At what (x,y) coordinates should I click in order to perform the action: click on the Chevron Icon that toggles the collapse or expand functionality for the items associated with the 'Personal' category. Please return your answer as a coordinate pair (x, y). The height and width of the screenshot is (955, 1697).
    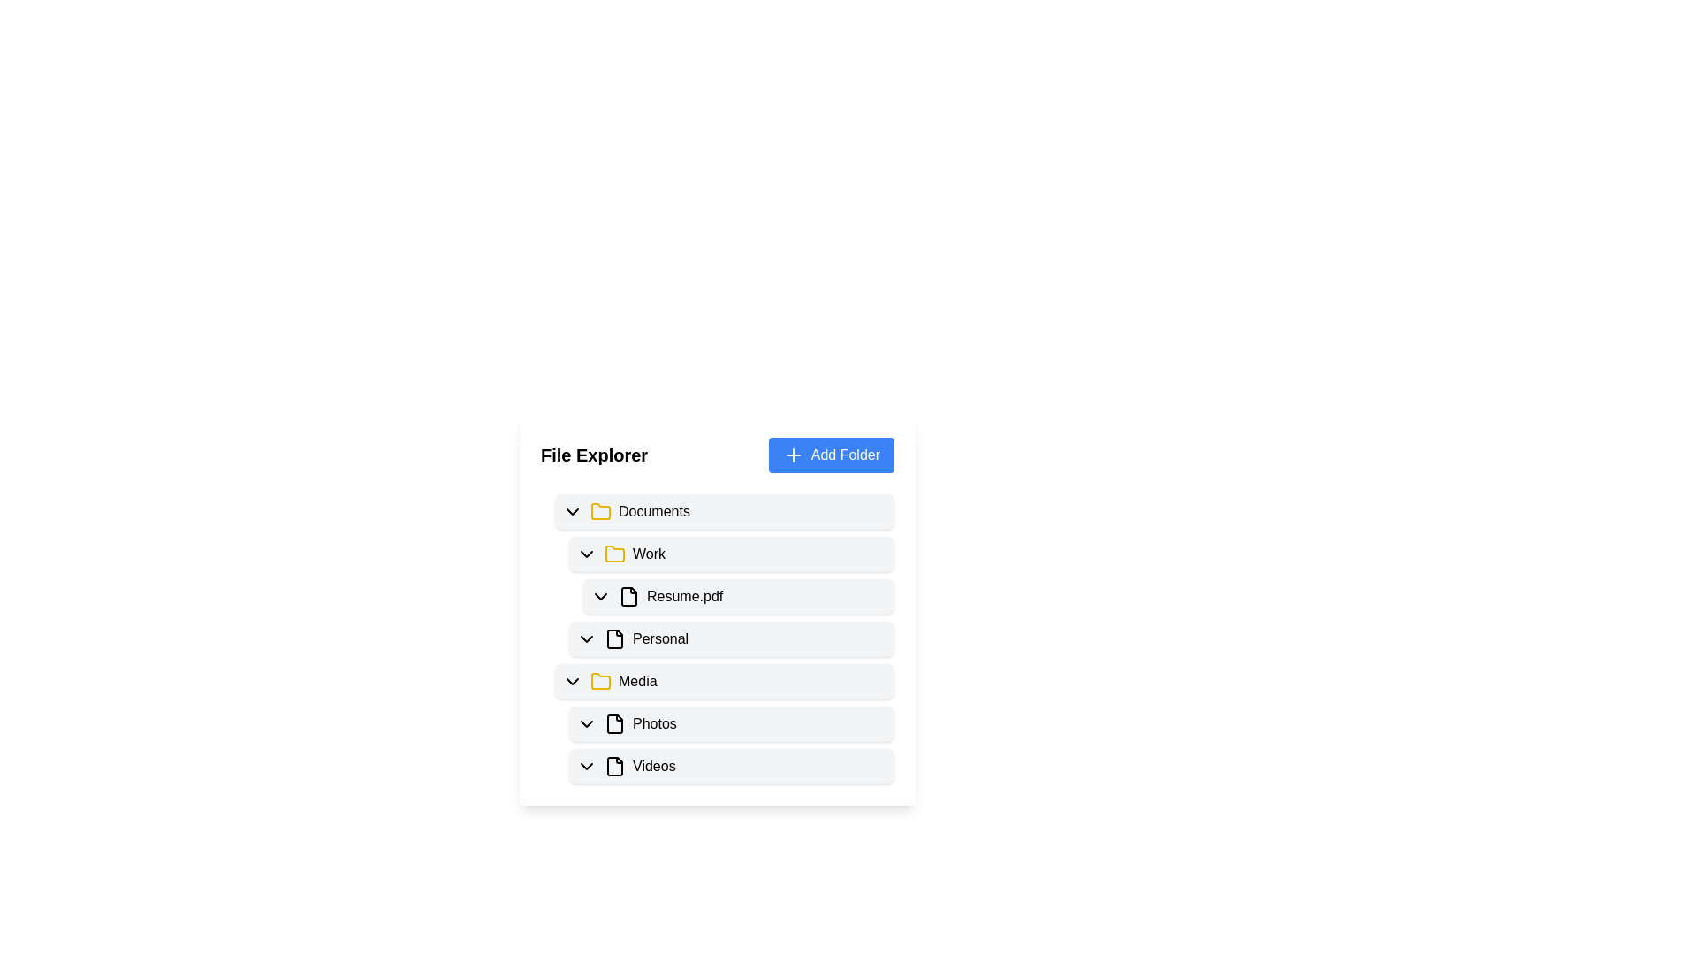
    Looking at the image, I should click on (586, 638).